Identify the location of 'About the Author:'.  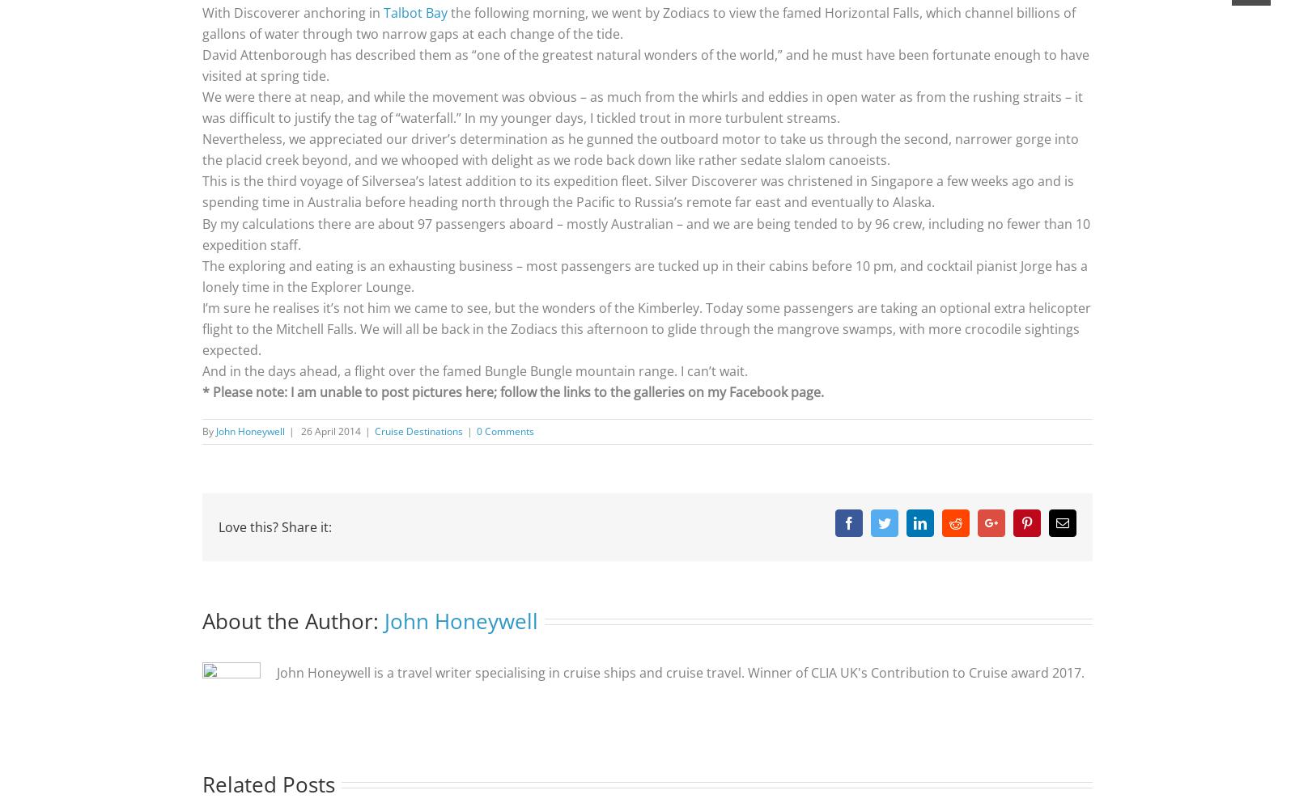
(293, 619).